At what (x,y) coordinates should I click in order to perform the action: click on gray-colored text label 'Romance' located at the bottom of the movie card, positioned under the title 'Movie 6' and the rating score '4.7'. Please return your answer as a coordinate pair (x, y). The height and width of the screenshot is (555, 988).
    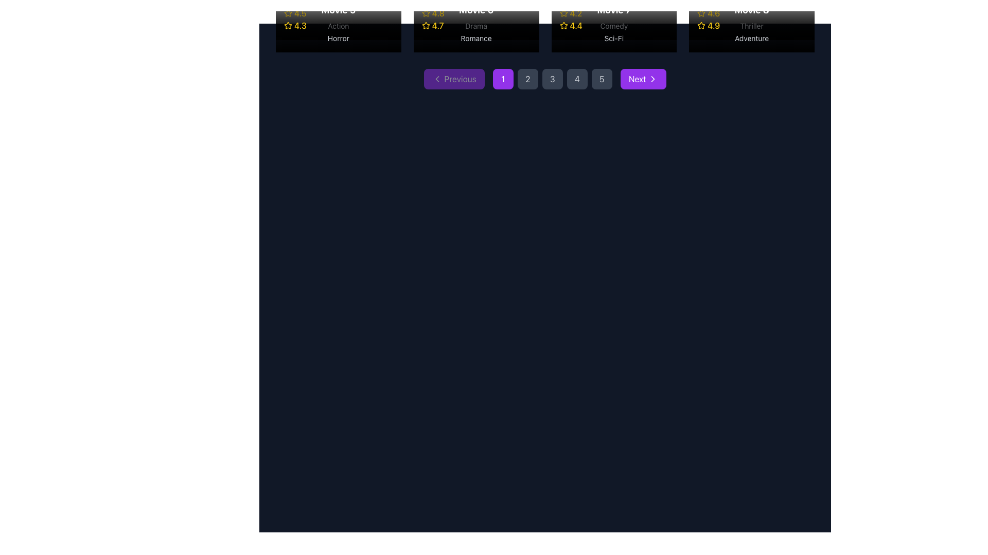
    Looking at the image, I should click on (475, 38).